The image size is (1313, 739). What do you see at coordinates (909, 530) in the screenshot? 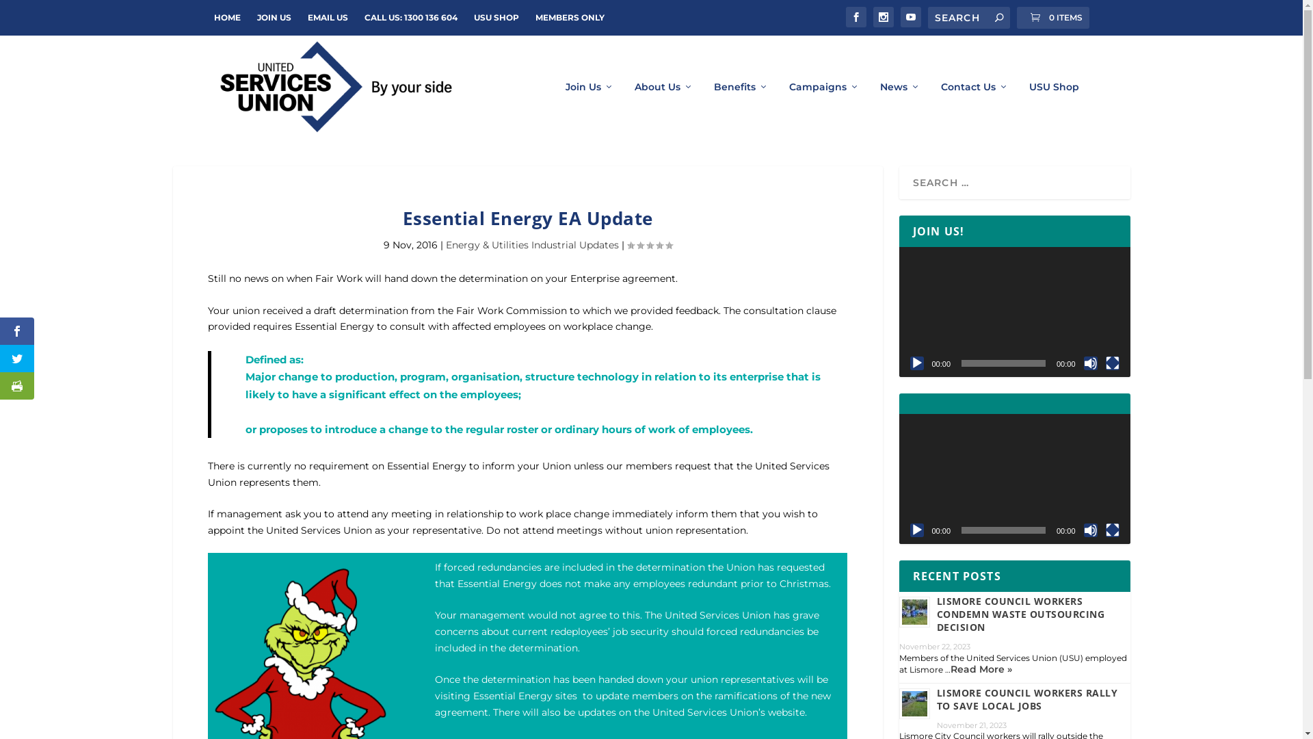
I see `'Play'` at bounding box center [909, 530].